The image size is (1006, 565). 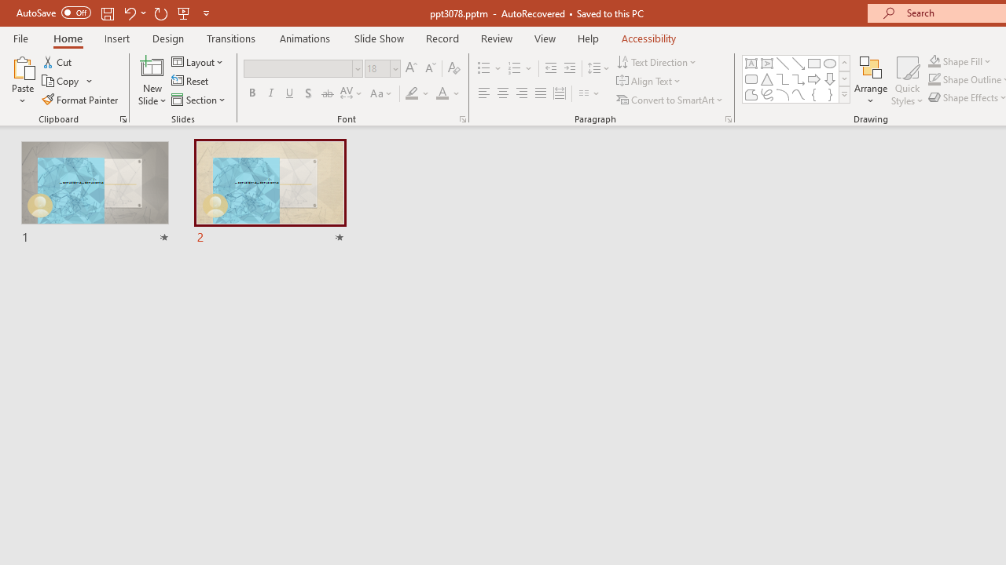 I want to click on 'Align Text', so click(x=649, y=81).